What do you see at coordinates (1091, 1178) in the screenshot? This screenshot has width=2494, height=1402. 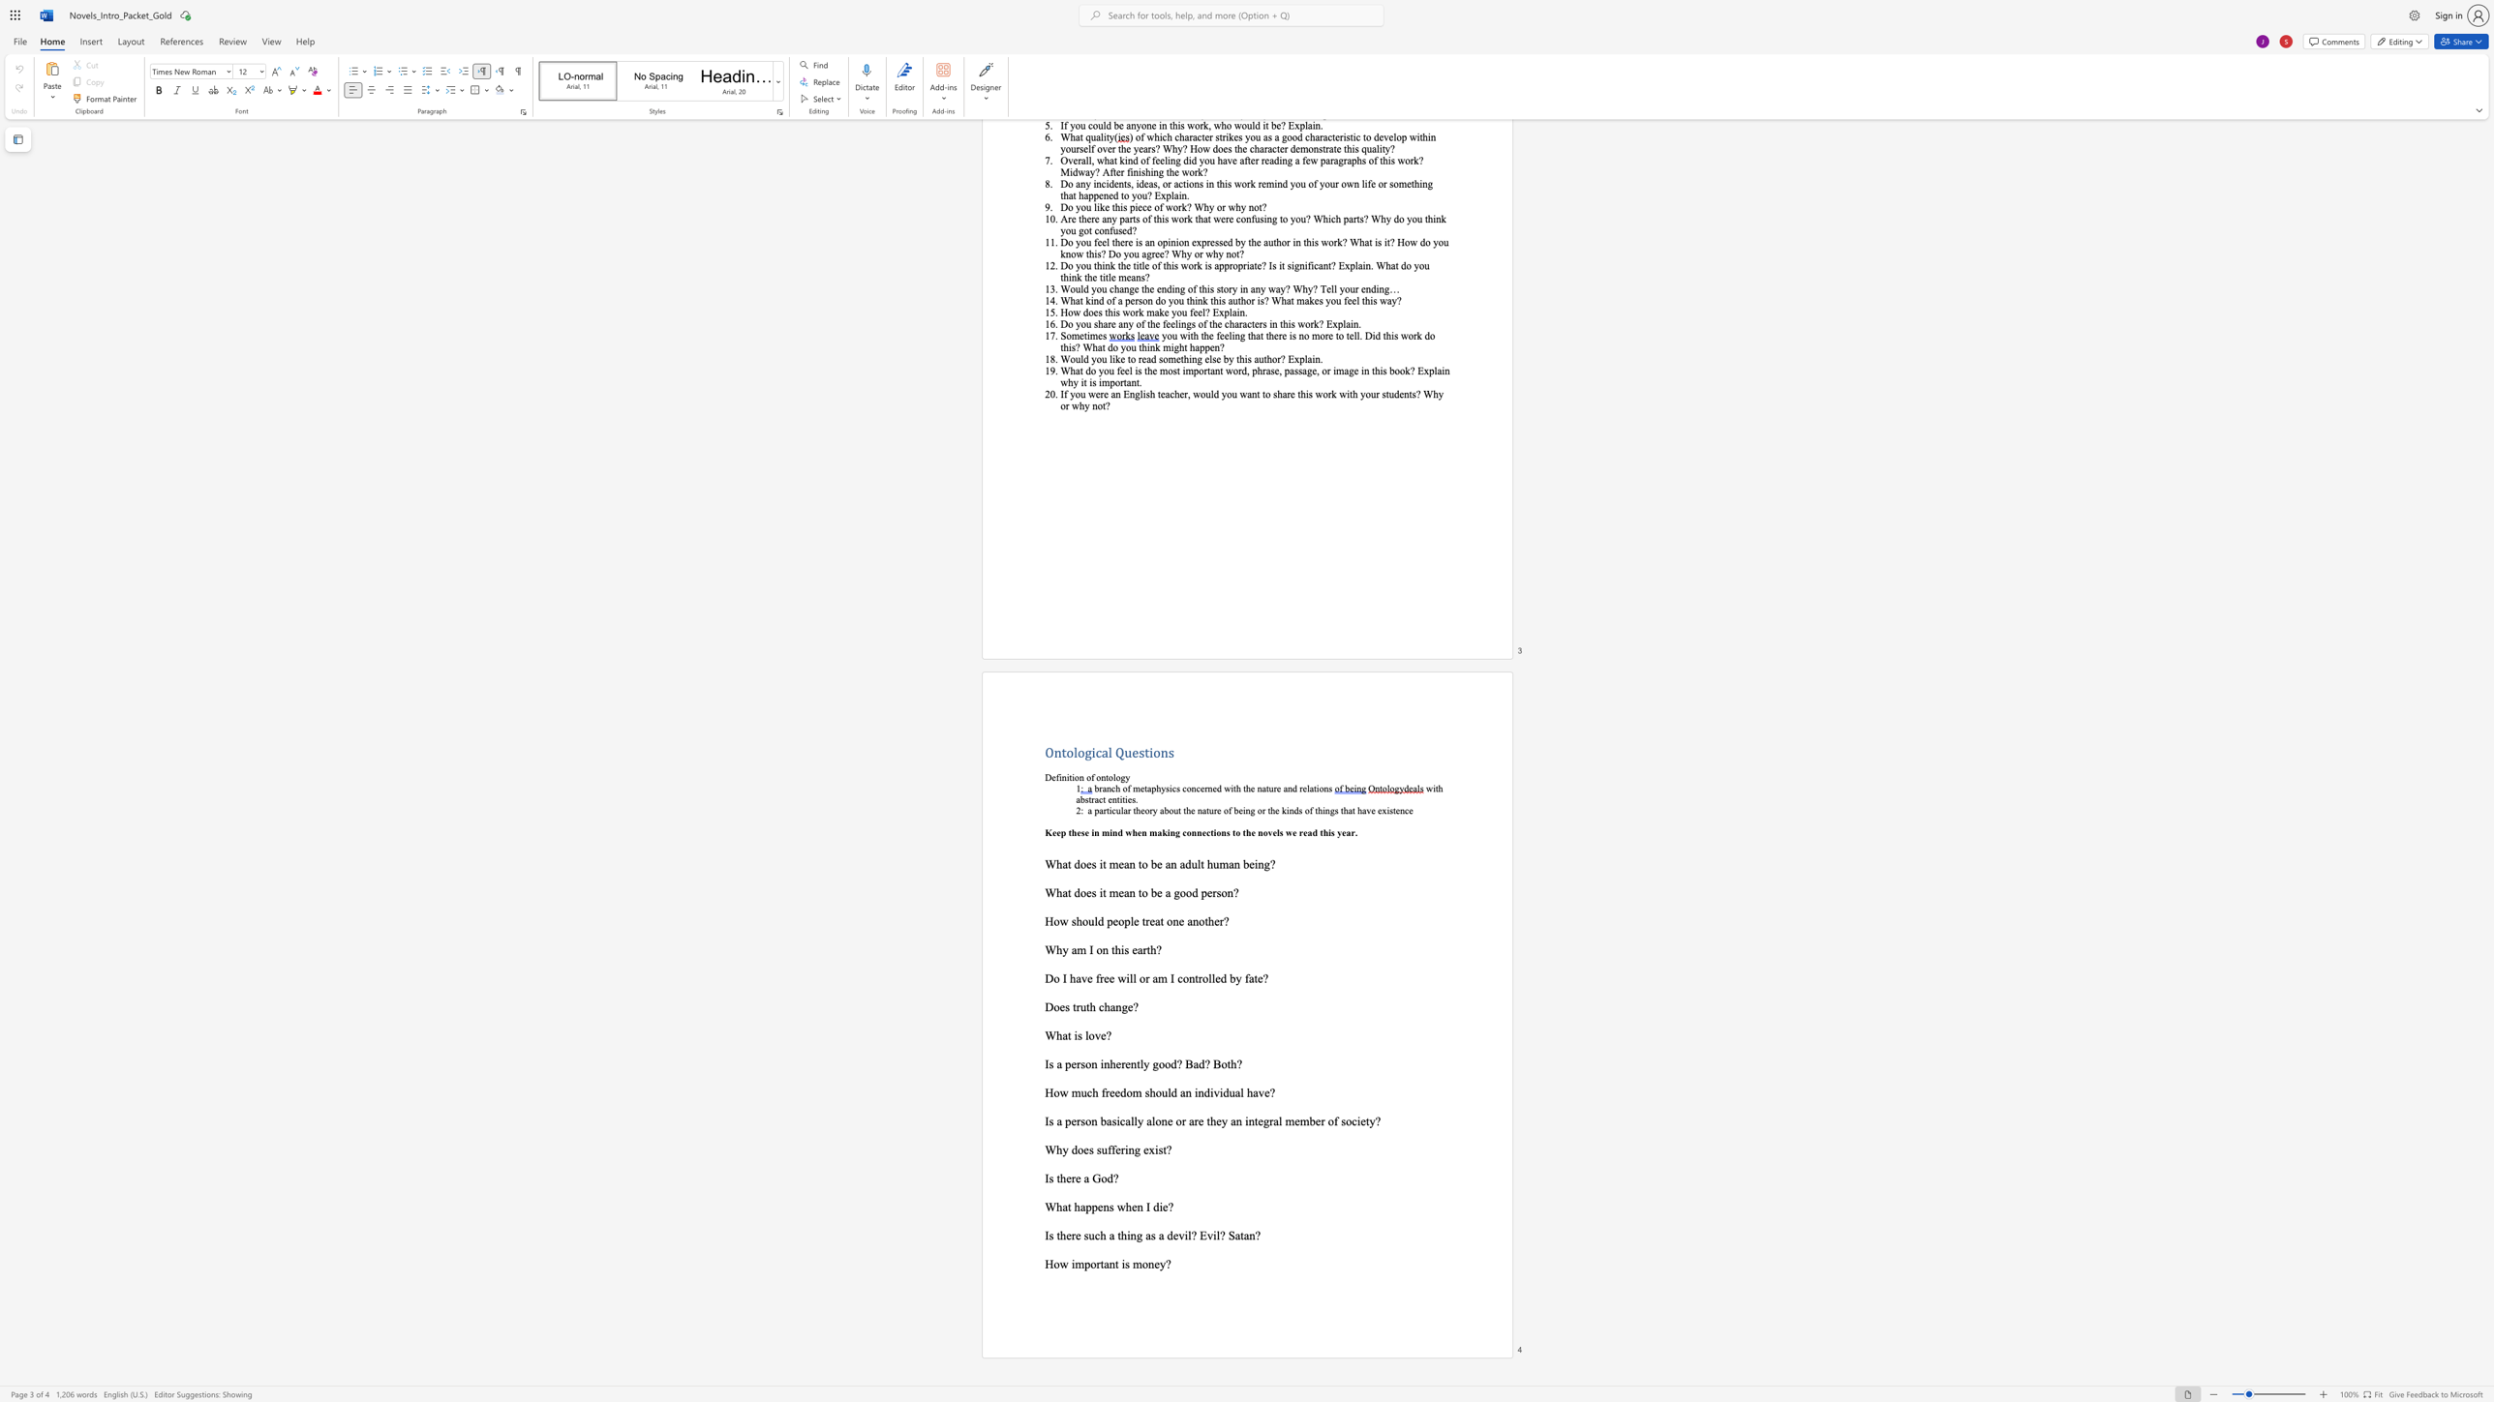 I see `the subset text "Go" within the text "Is there a God?"` at bounding box center [1091, 1178].